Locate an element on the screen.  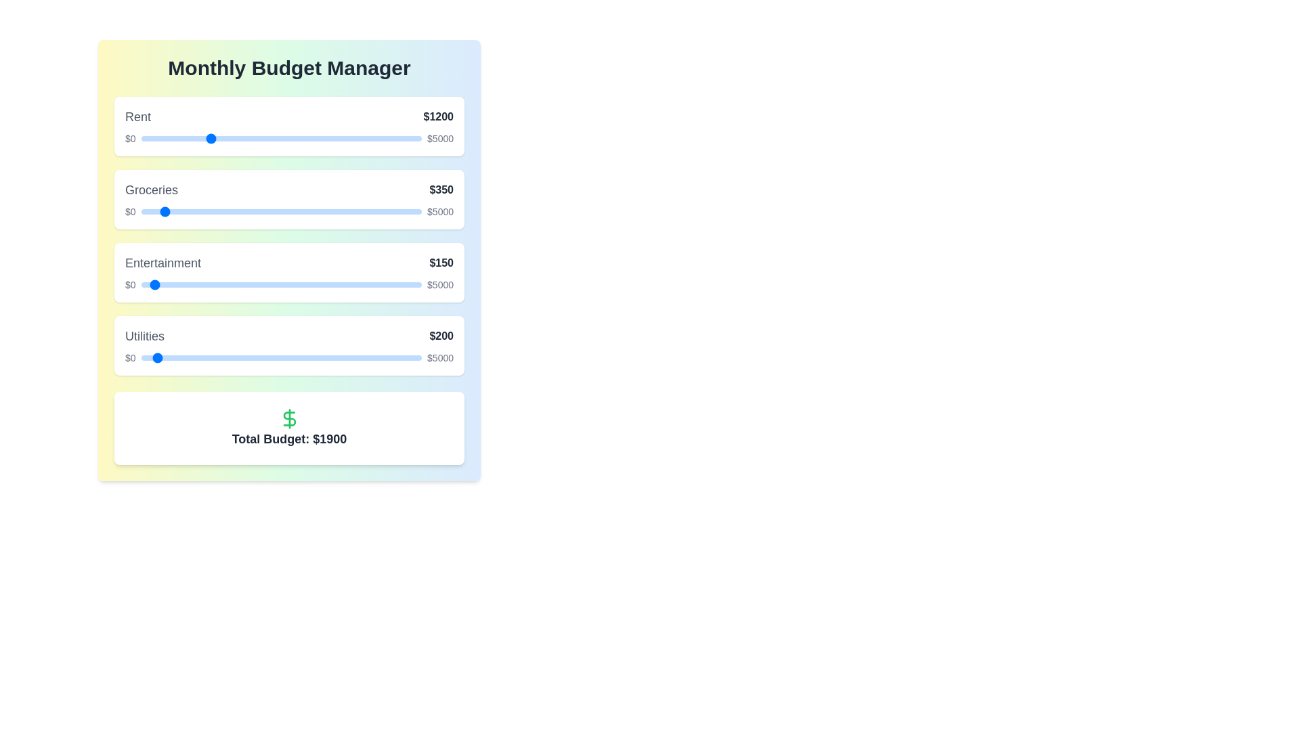
the entertainment budget slider is located at coordinates (349, 284).